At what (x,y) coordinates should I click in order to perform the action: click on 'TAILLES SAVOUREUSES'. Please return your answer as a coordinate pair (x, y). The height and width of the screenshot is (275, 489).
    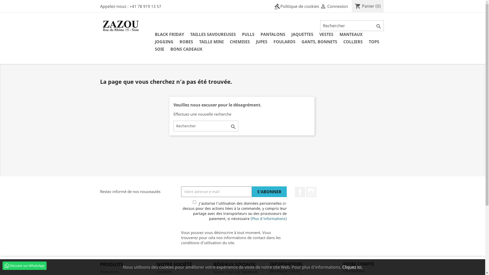
    Looking at the image, I should click on (213, 34).